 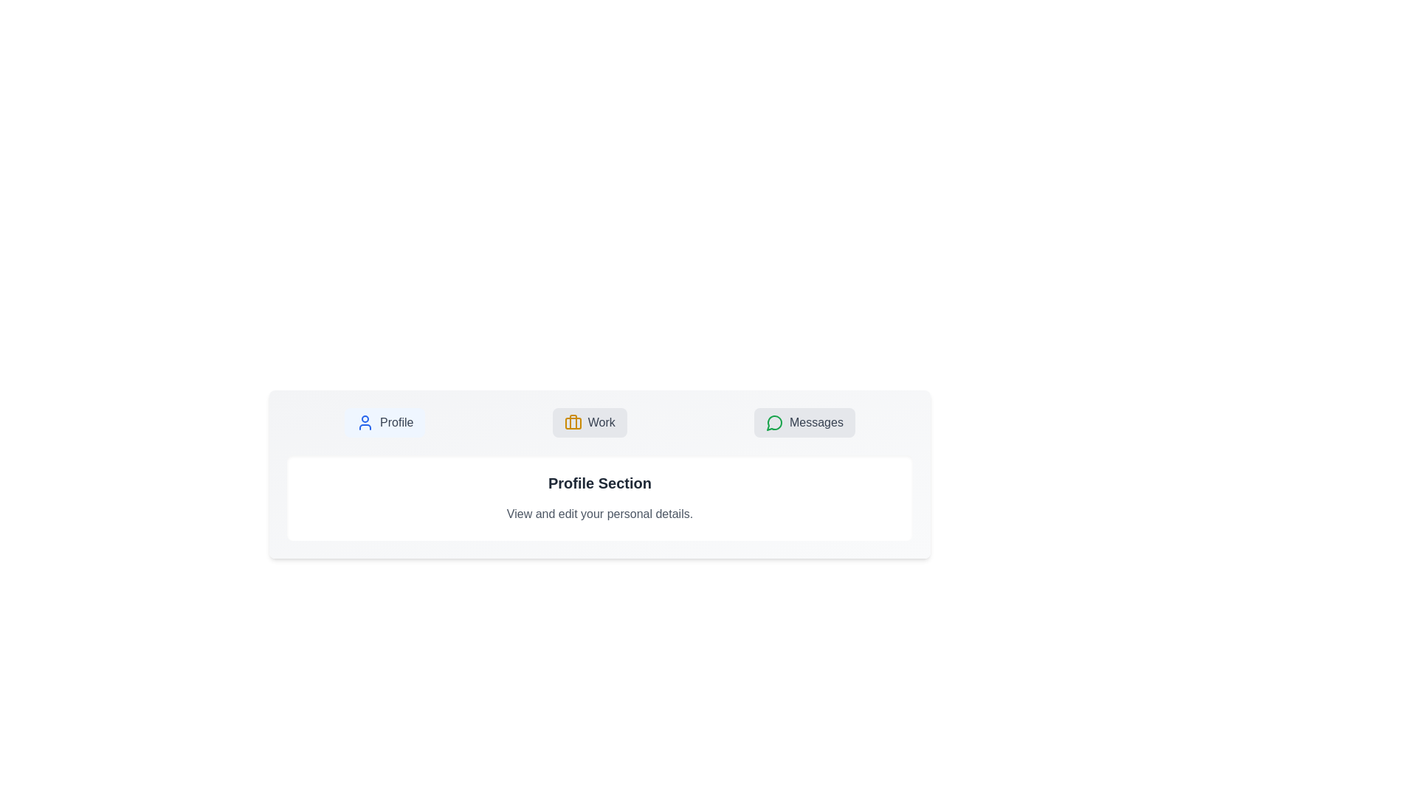 I want to click on the Work button to display its associated content, so click(x=588, y=423).